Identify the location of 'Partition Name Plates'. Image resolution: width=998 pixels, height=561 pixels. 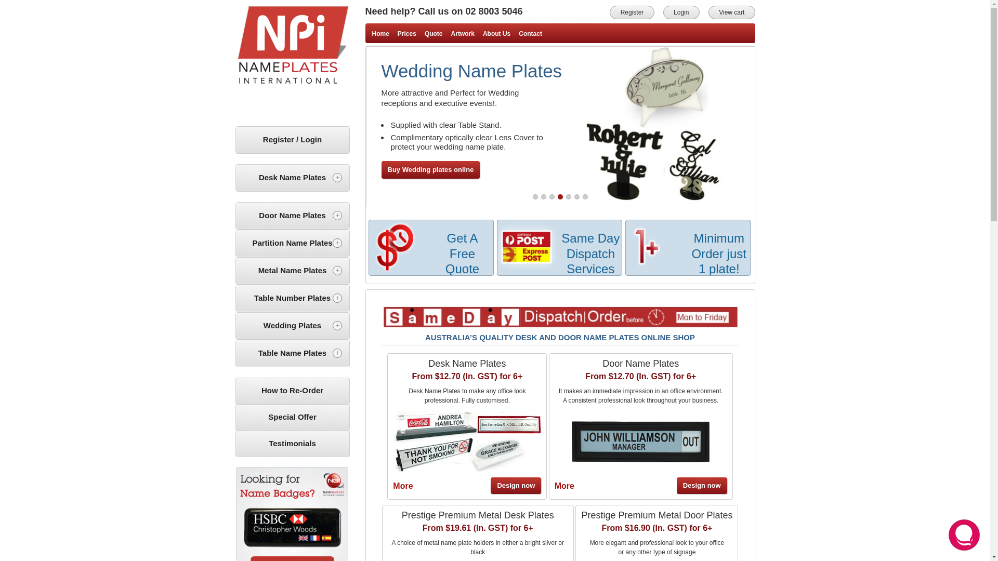
(235, 243).